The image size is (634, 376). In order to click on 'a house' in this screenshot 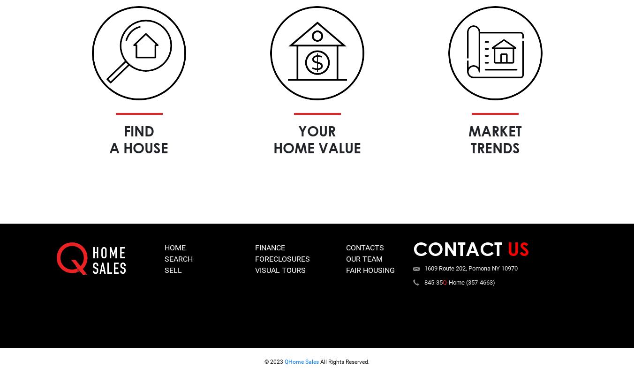, I will do `click(138, 147)`.